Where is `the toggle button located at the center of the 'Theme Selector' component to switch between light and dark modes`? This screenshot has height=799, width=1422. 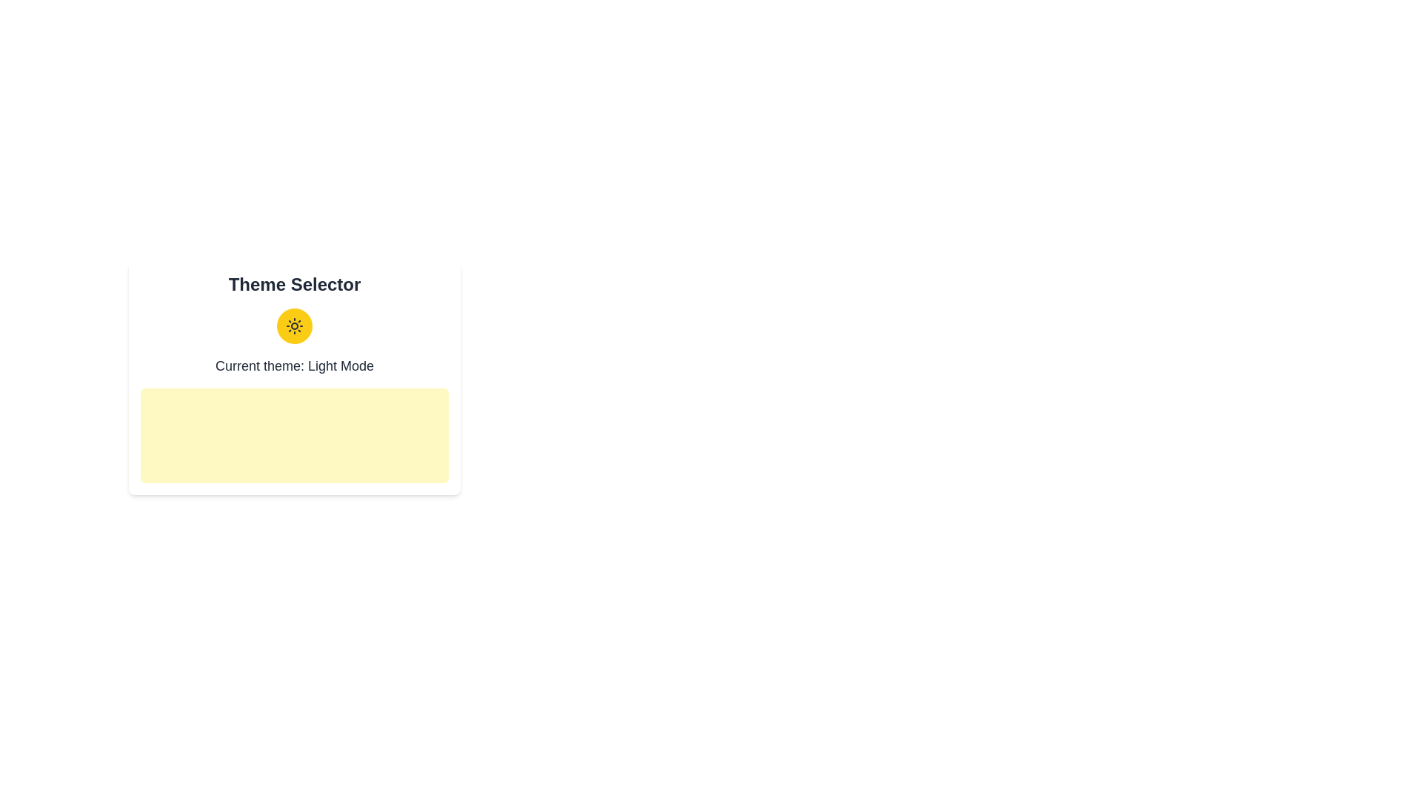 the toggle button located at the center of the 'Theme Selector' component to switch between light and dark modes is located at coordinates (295, 325).